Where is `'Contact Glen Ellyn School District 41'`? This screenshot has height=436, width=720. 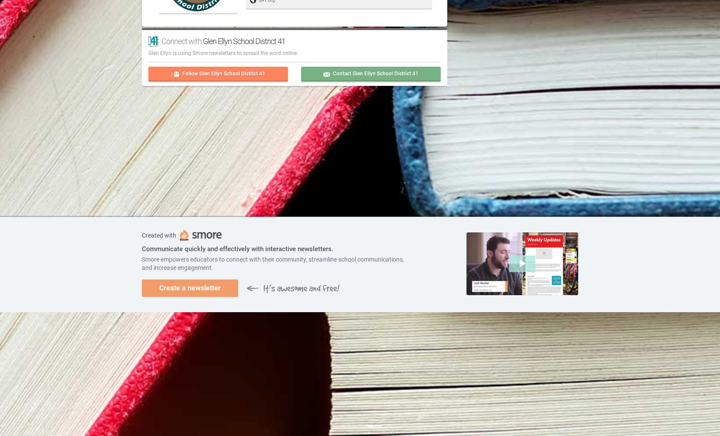
'Contact Glen Ellyn School District 41' is located at coordinates (375, 73).